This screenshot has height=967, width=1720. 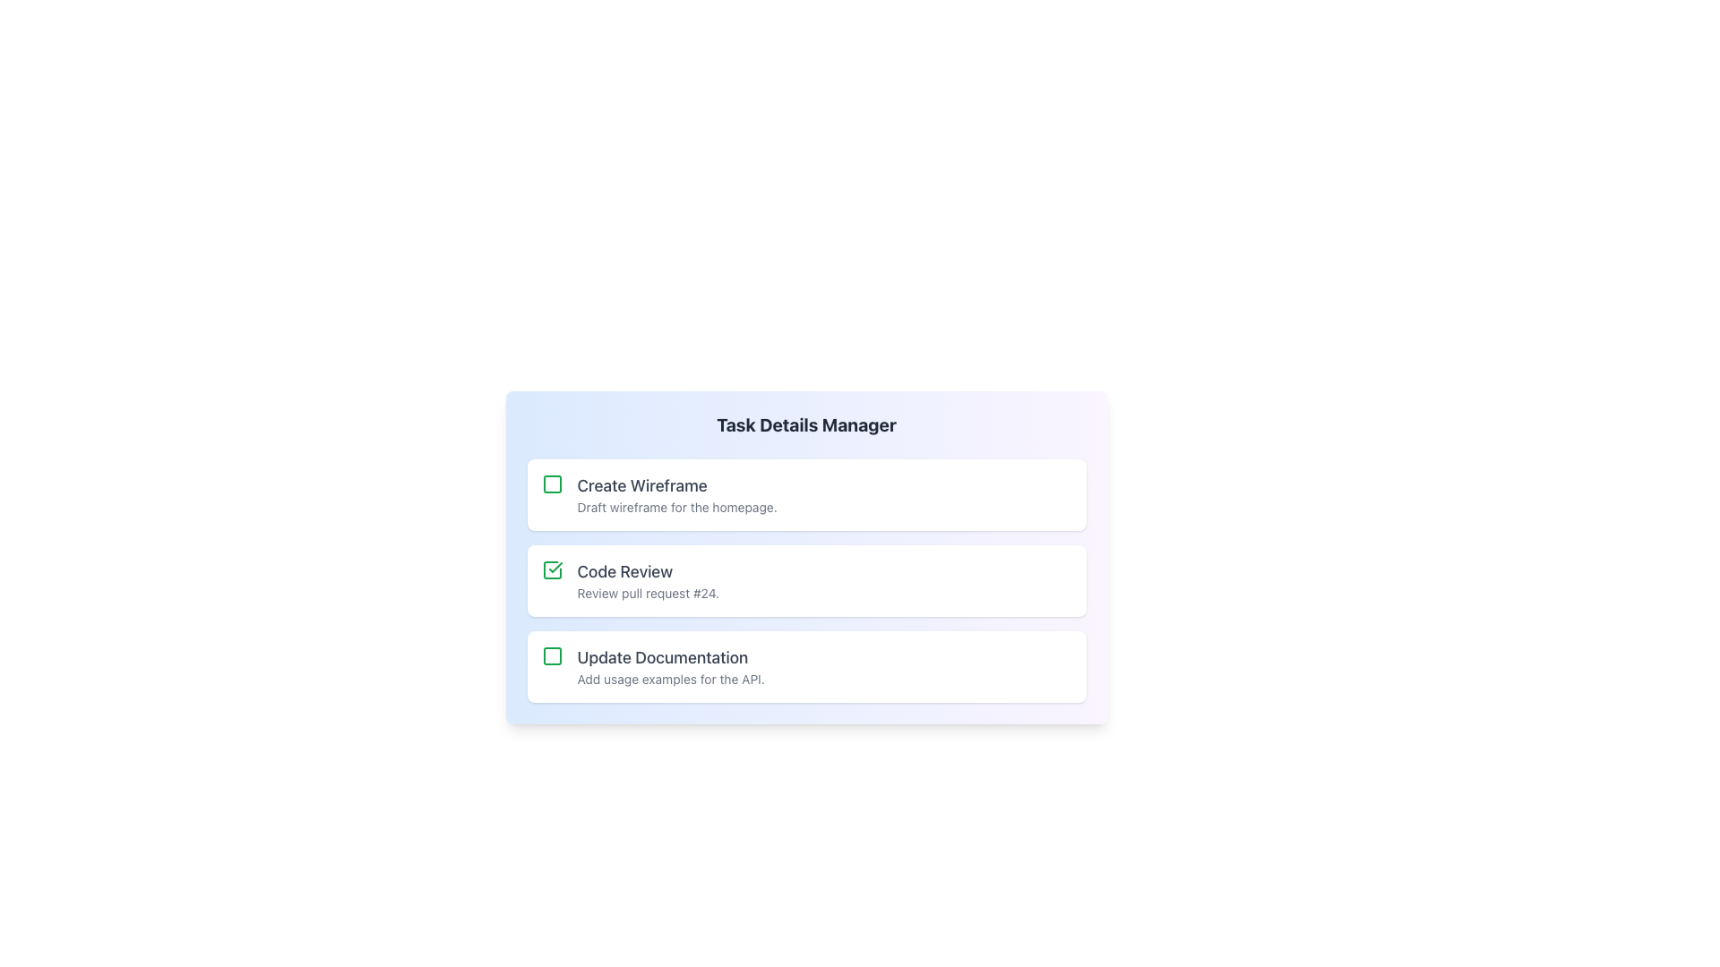 I want to click on the green-tinted square-shaped icon located before the text 'Create Wireframe', so click(x=551, y=483).